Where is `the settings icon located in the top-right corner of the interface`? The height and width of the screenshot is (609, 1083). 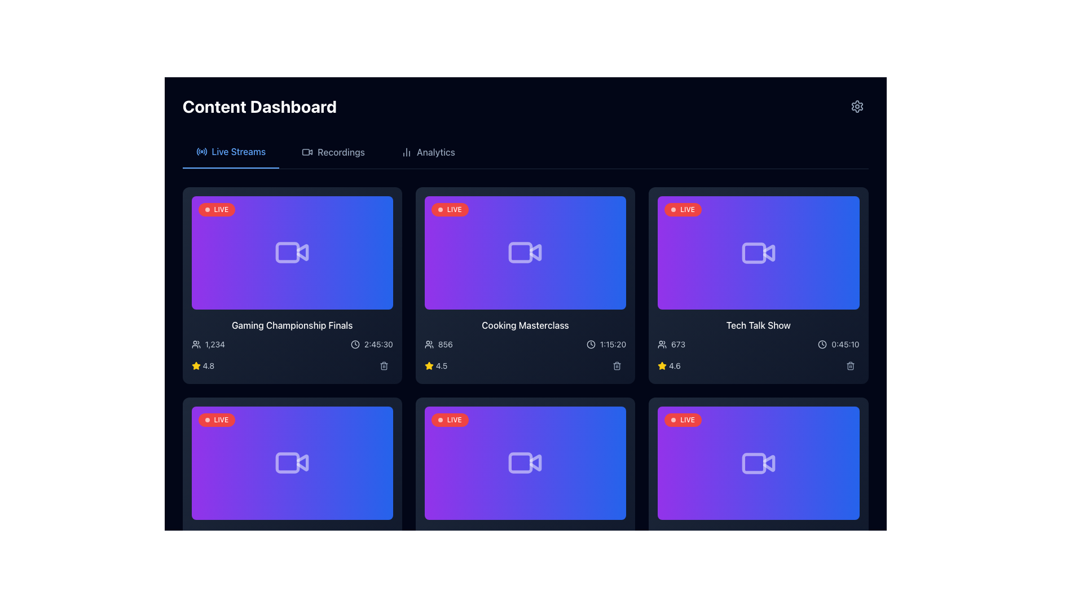
the settings icon located in the top-right corner of the interface is located at coordinates (857, 107).